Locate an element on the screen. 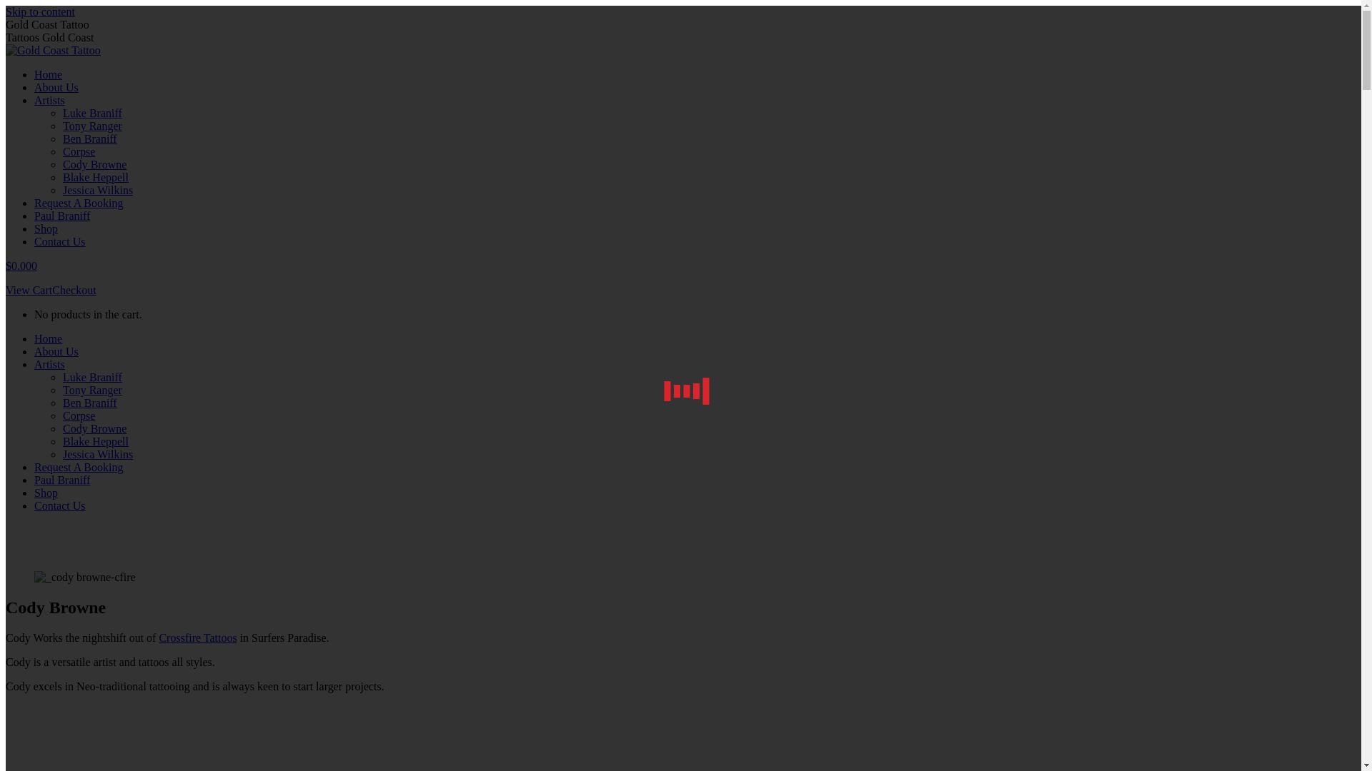 The width and height of the screenshot is (1372, 771). 'Cody Browne' is located at coordinates (94, 428).